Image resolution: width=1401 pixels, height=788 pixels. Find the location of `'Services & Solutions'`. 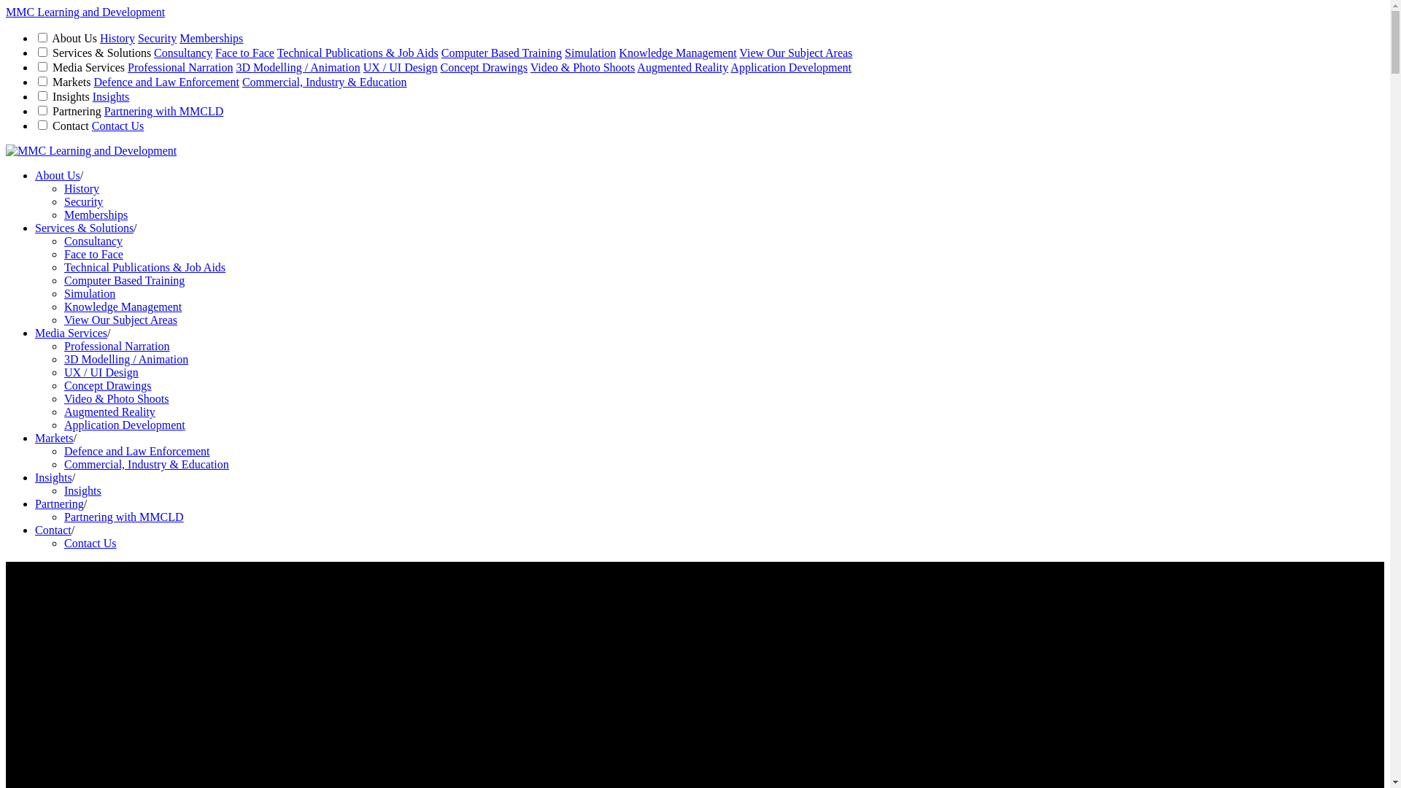

'Services & Solutions' is located at coordinates (83, 228).